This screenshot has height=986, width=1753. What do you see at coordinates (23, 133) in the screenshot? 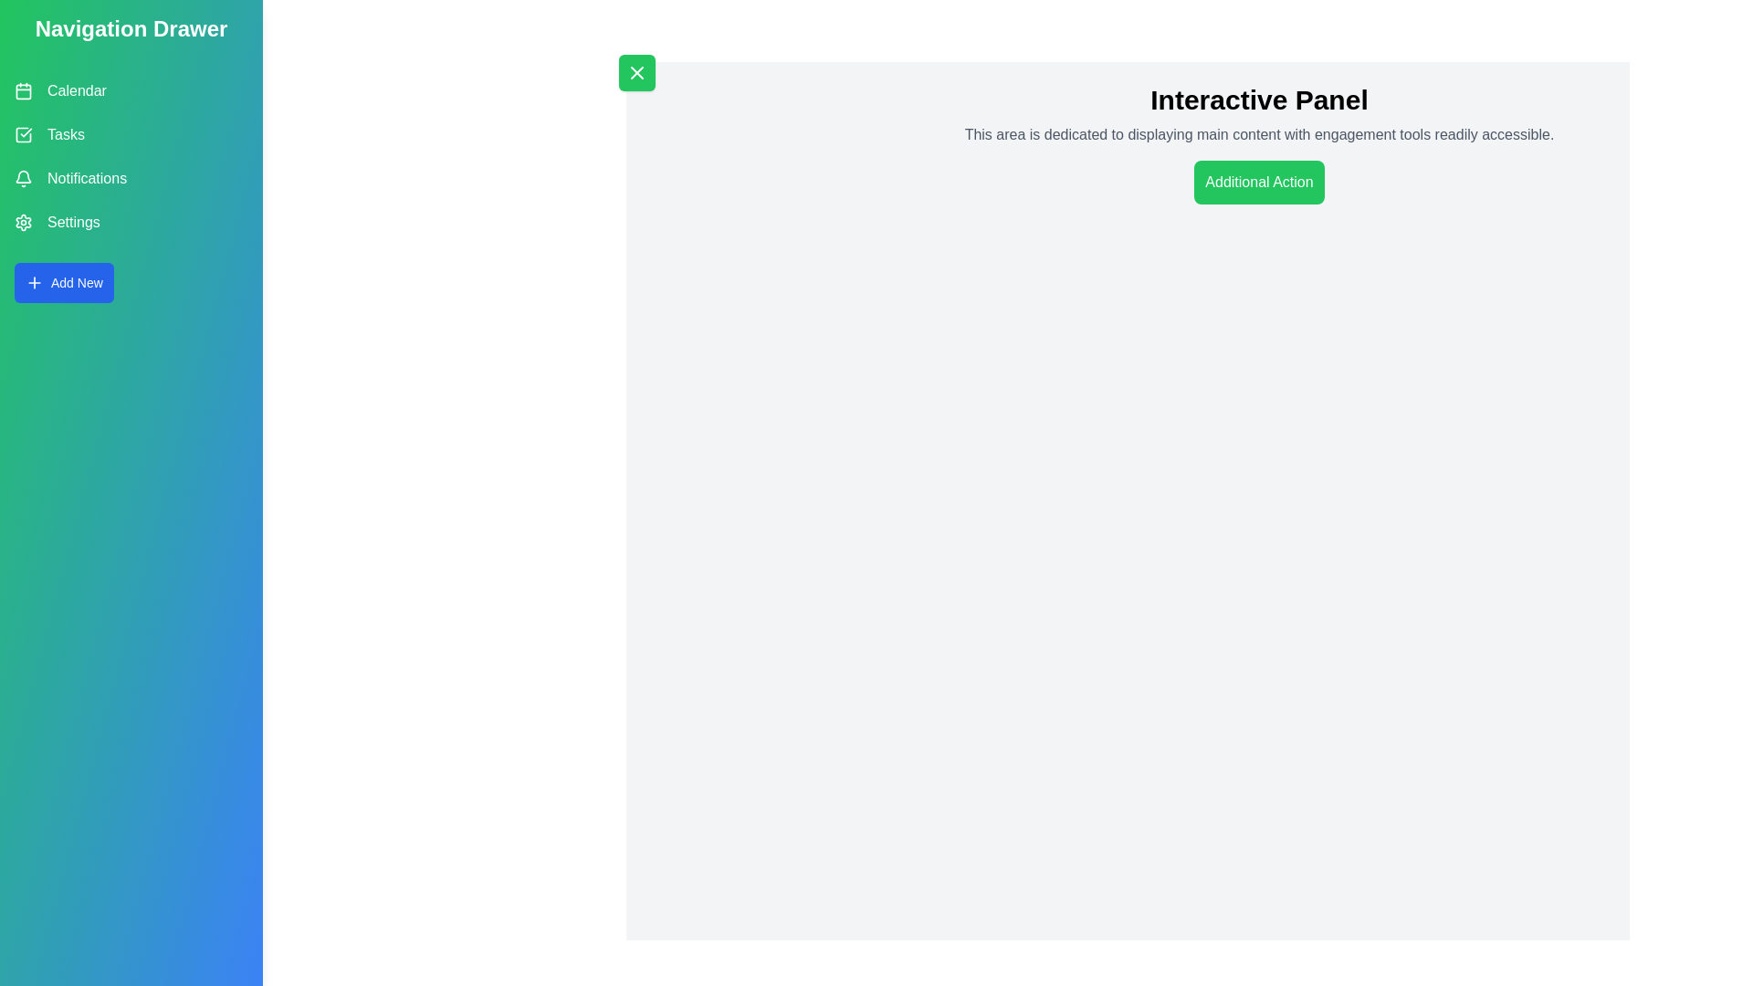
I see `the SVG Icon representing the 'Tasks' section in the left-aligned navigation drawer` at bounding box center [23, 133].